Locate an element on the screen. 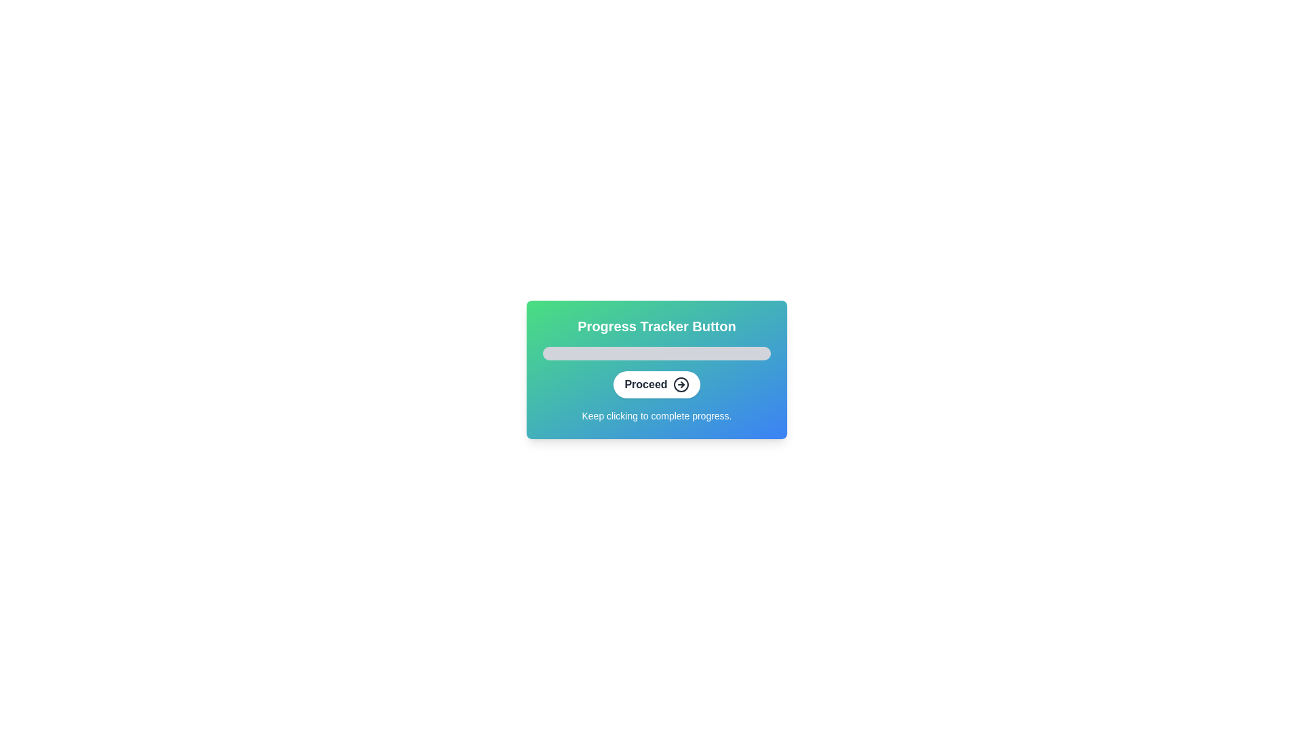 Image resolution: width=1303 pixels, height=733 pixels. the horizontally-oriented rectangular progress bar with a light gray background located beneath the 'Progress Tracker Button' and above the 'Proceed' button is located at coordinates (657, 352).